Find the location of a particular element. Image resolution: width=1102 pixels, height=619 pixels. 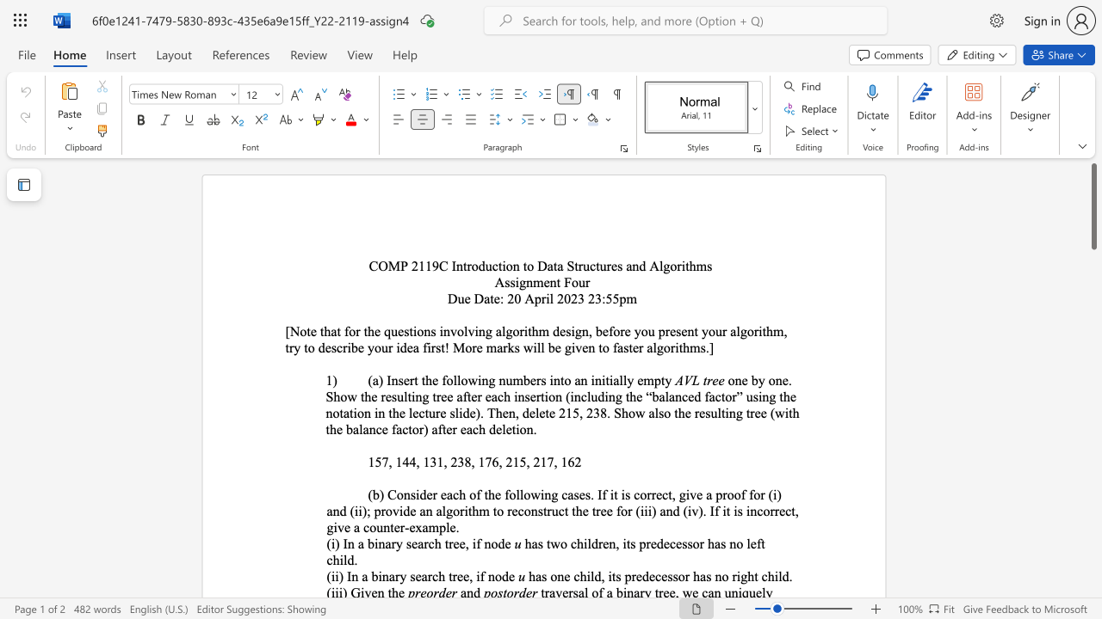

the subset text "y search tree, if no" within the text "(i) In a binary search tree, if node" is located at coordinates (394, 543).